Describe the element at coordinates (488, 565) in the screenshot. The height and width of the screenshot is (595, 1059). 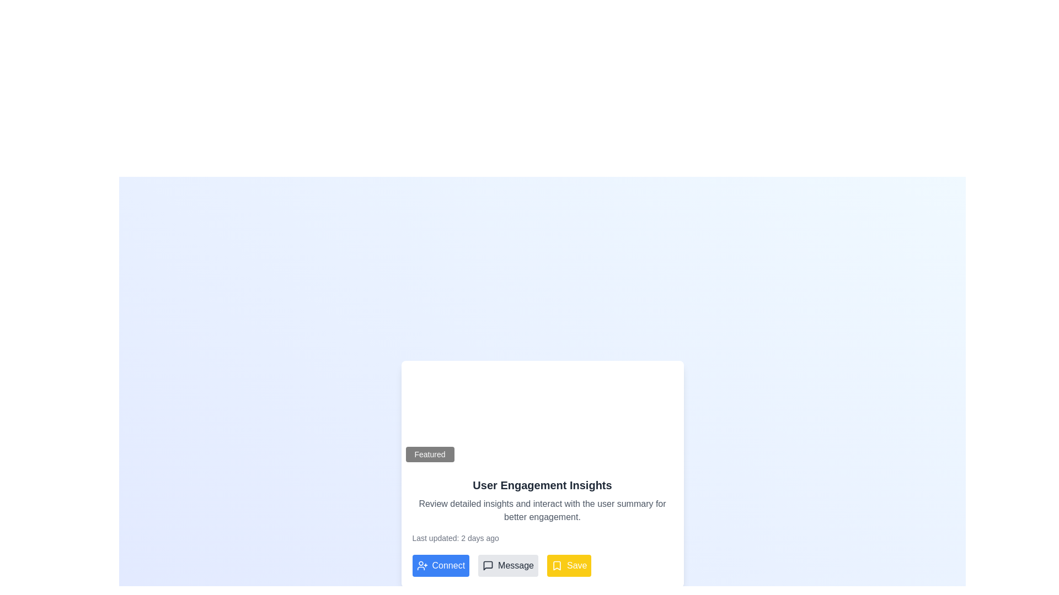
I see `the details of the square-shaped message speech bubble outline icon, rendered in gray, located inside the 'Message' button at the bottom section of the card under 'User Engagement Insights'` at that location.